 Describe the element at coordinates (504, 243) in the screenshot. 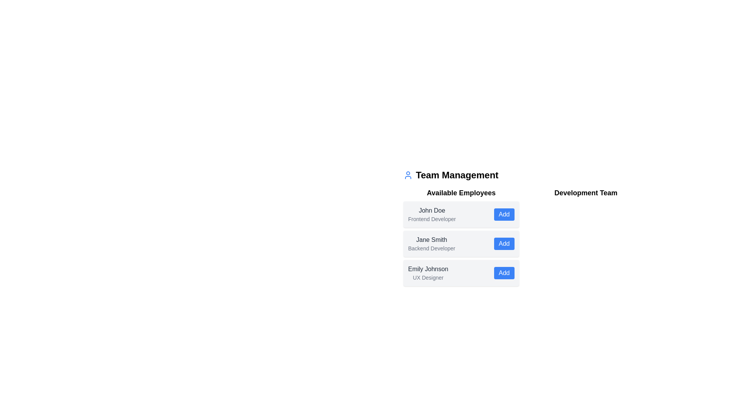

I see `the 'Add' button with a blue background and white text located in the second row of the 'Available Employees' list, aligned to the right of 'Jane Smith', who is a Backend Developer` at that location.